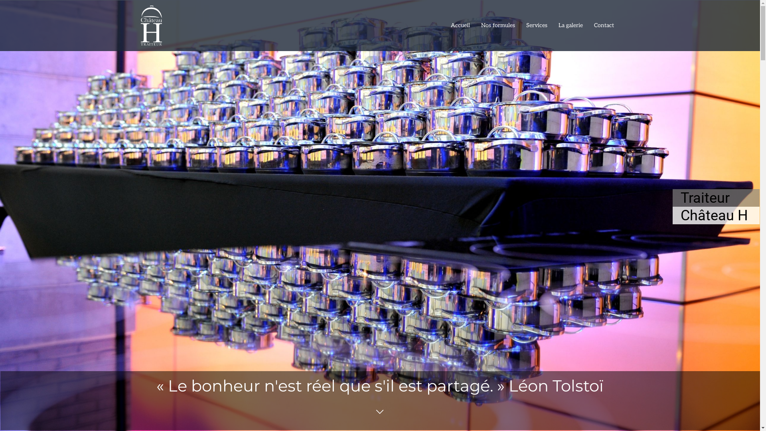  What do you see at coordinates (588, 25) in the screenshot?
I see `'Contact'` at bounding box center [588, 25].